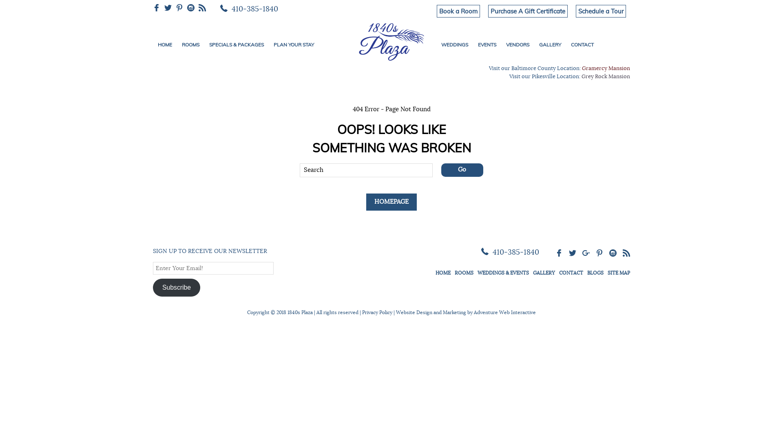 The width and height of the screenshot is (783, 440). I want to click on 'HOME', so click(442, 273).